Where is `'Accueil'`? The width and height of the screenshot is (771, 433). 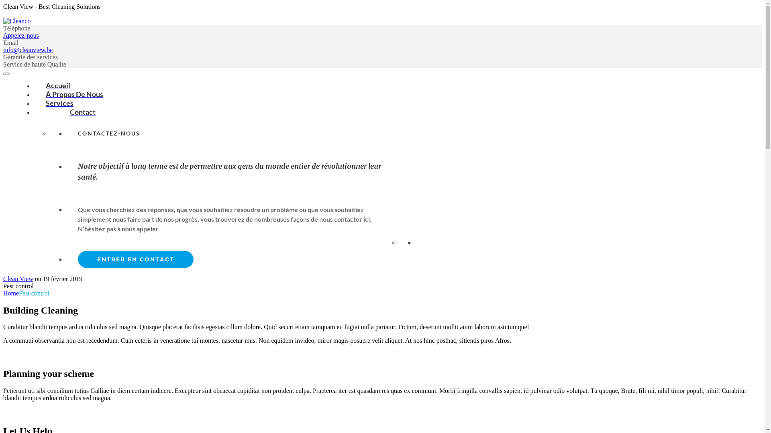
'Accueil' is located at coordinates (57, 85).